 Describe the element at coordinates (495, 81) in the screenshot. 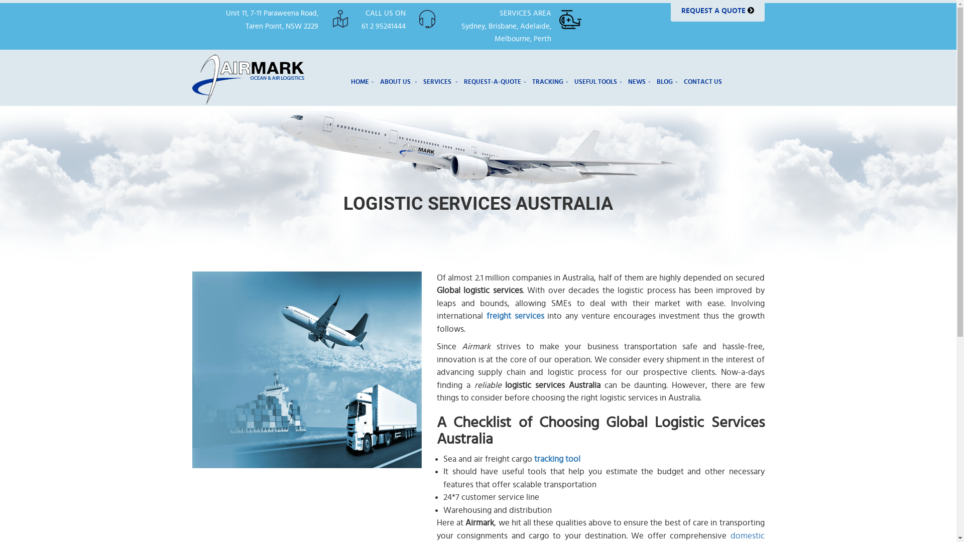

I see `'REQUEST-A-QUOTE'` at that location.